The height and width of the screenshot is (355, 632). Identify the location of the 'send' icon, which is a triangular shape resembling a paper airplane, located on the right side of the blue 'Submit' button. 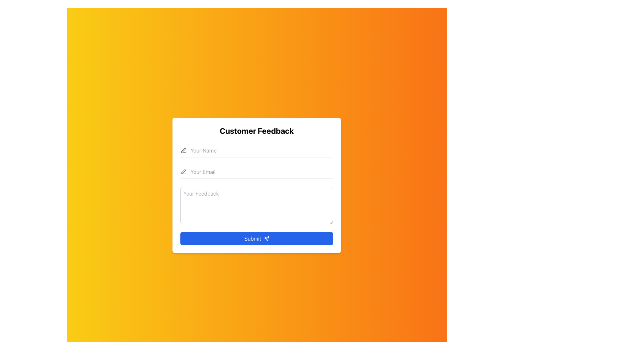
(266, 238).